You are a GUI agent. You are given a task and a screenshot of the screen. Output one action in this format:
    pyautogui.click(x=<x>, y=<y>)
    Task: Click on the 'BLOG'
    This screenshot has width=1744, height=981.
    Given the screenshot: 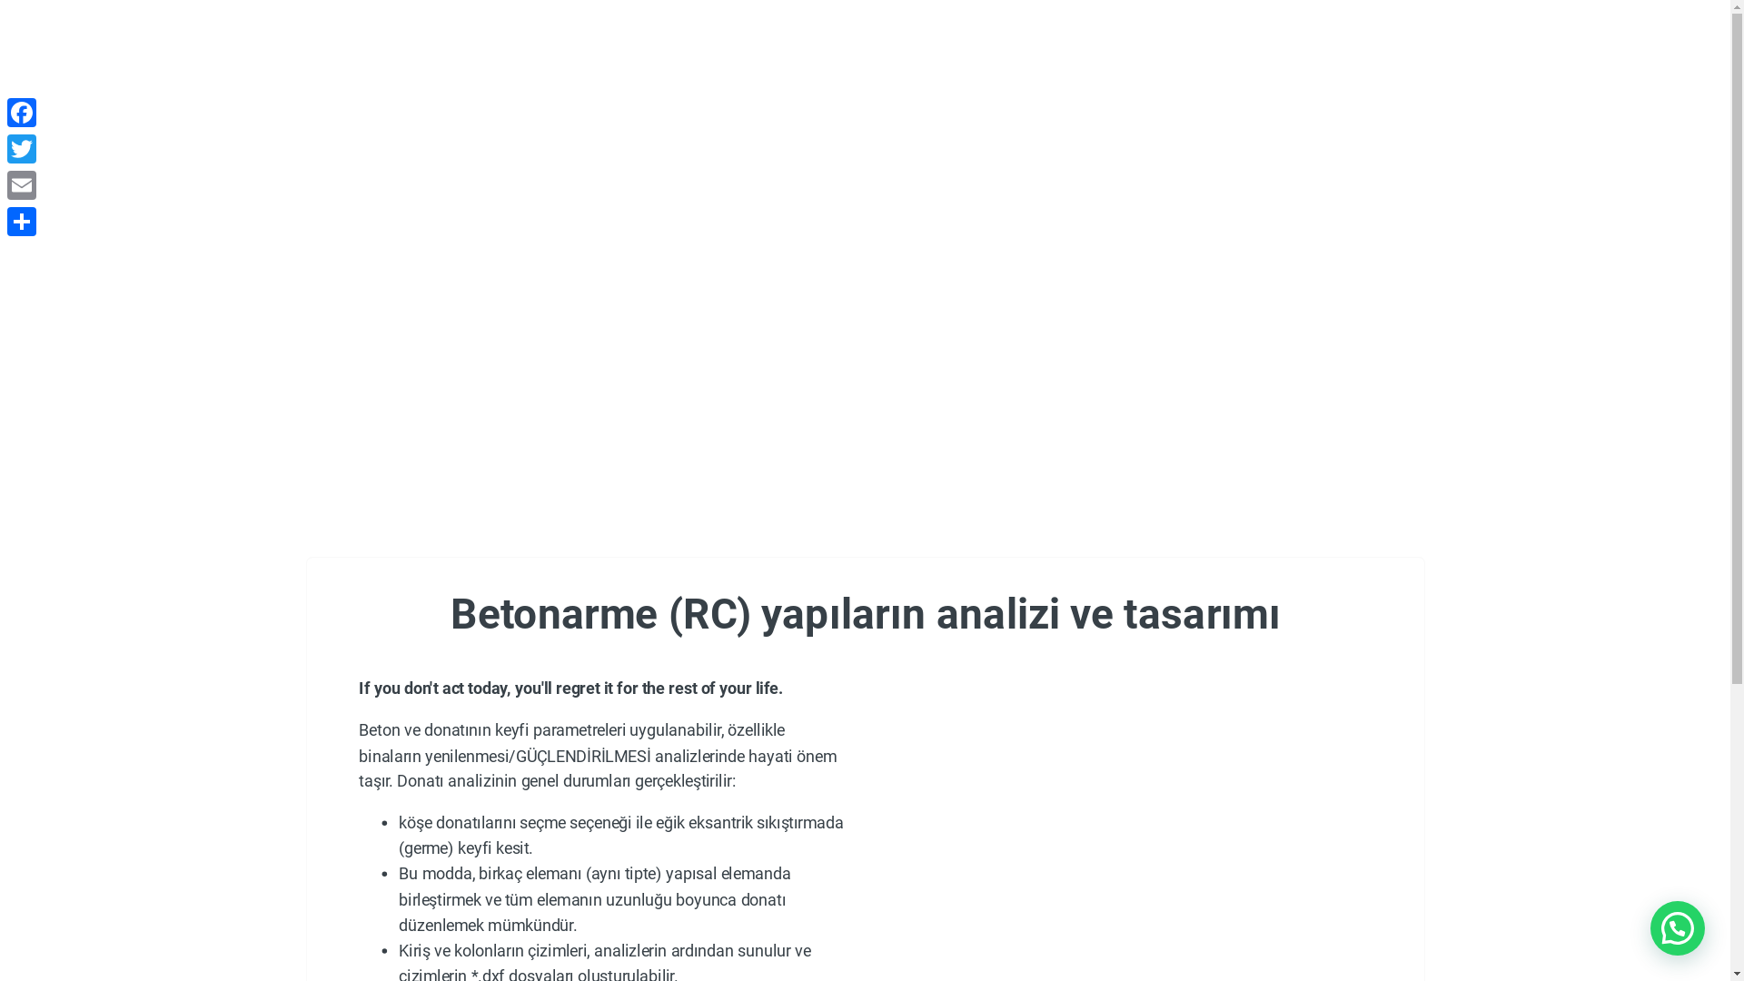 What is the action you would take?
    pyautogui.click(x=1135, y=74)
    